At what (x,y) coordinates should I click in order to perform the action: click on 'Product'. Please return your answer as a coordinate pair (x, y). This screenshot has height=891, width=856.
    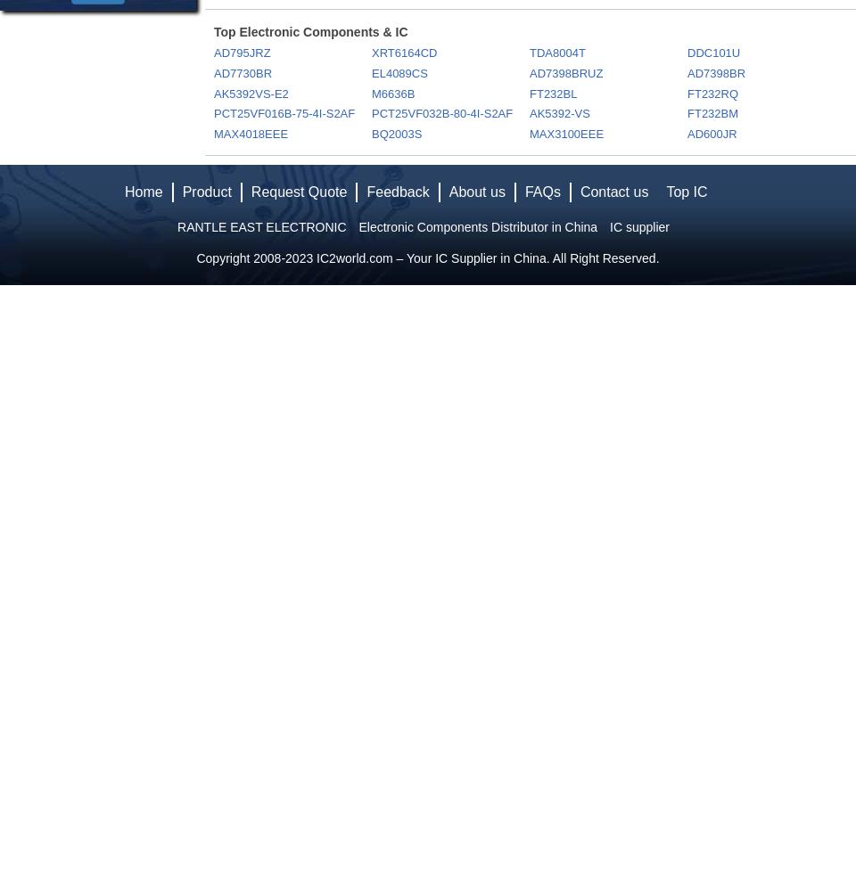
    Looking at the image, I should click on (206, 191).